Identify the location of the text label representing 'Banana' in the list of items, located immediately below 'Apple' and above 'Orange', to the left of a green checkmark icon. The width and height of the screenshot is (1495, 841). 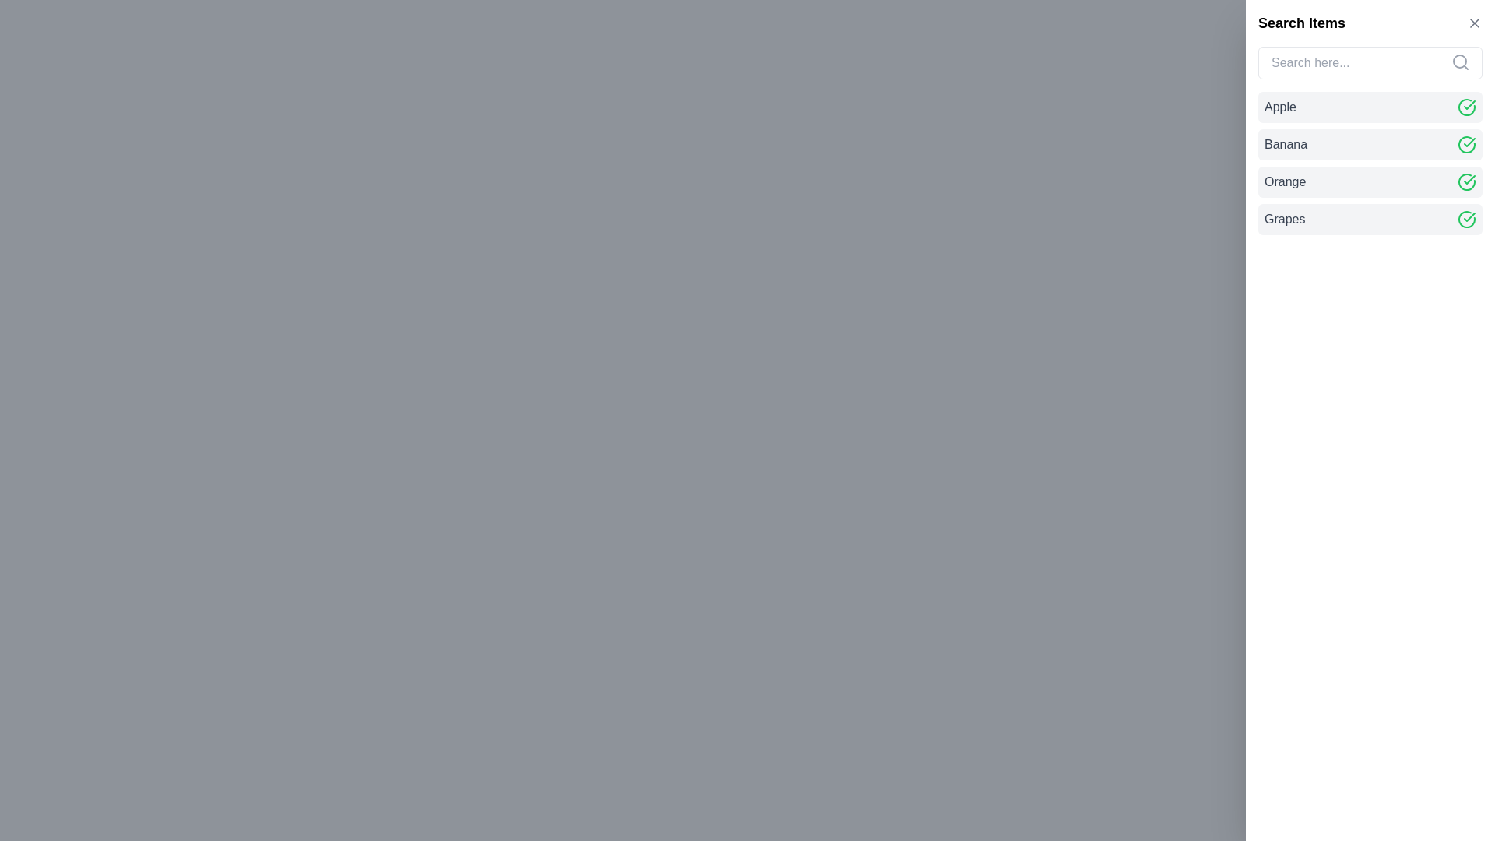
(1286, 144).